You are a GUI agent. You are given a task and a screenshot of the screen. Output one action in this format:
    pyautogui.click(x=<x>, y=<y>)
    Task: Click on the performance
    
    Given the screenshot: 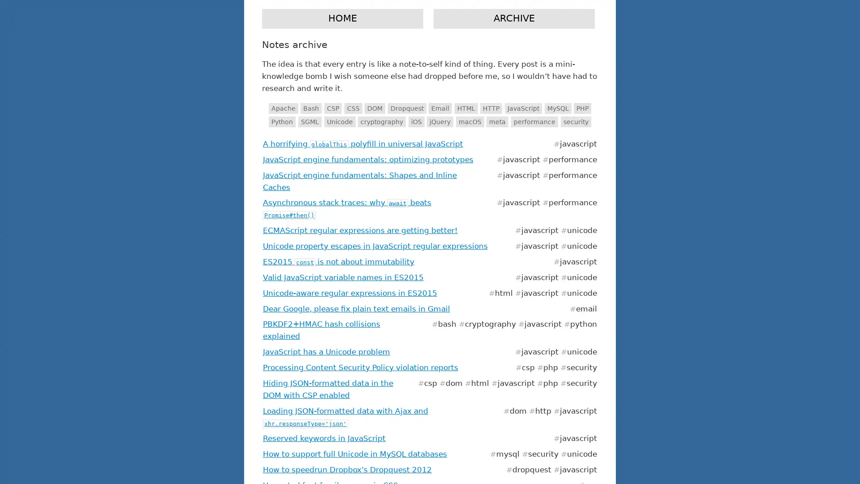 What is the action you would take?
    pyautogui.click(x=534, y=121)
    